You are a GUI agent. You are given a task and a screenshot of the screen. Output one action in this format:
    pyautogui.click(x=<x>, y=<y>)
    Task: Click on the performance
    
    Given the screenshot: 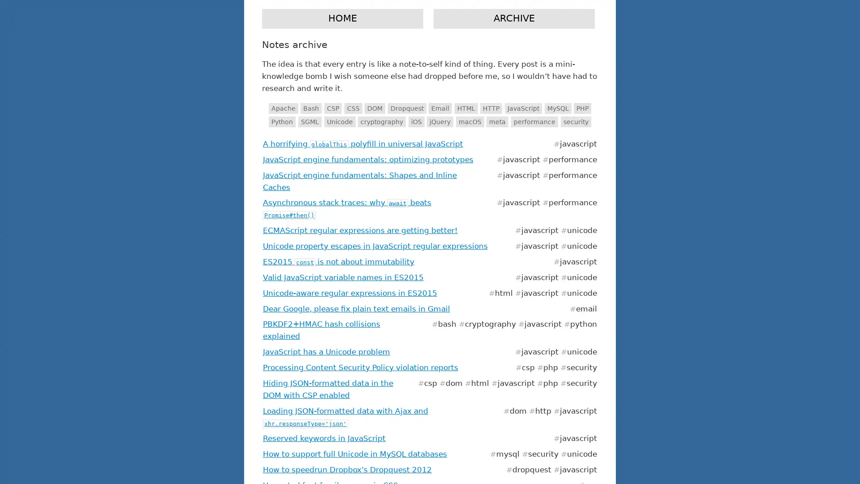 What is the action you would take?
    pyautogui.click(x=534, y=121)
    